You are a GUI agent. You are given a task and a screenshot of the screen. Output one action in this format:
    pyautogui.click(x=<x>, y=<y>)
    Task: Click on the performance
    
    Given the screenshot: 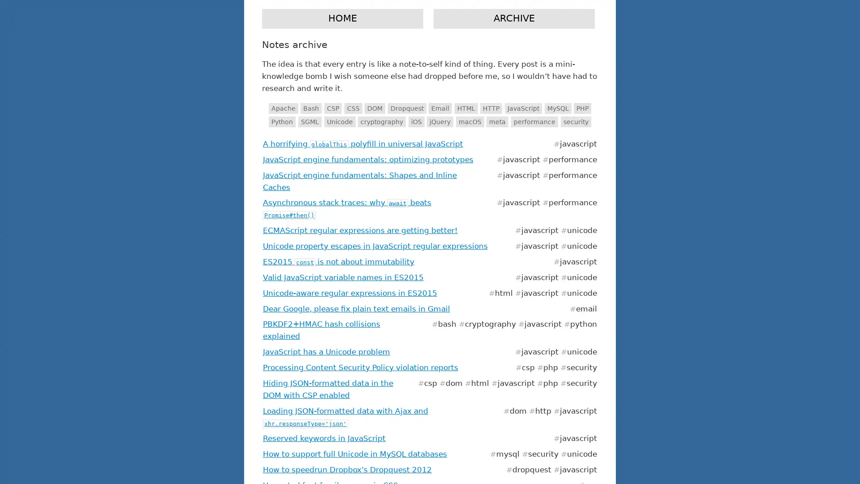 What is the action you would take?
    pyautogui.click(x=534, y=121)
    